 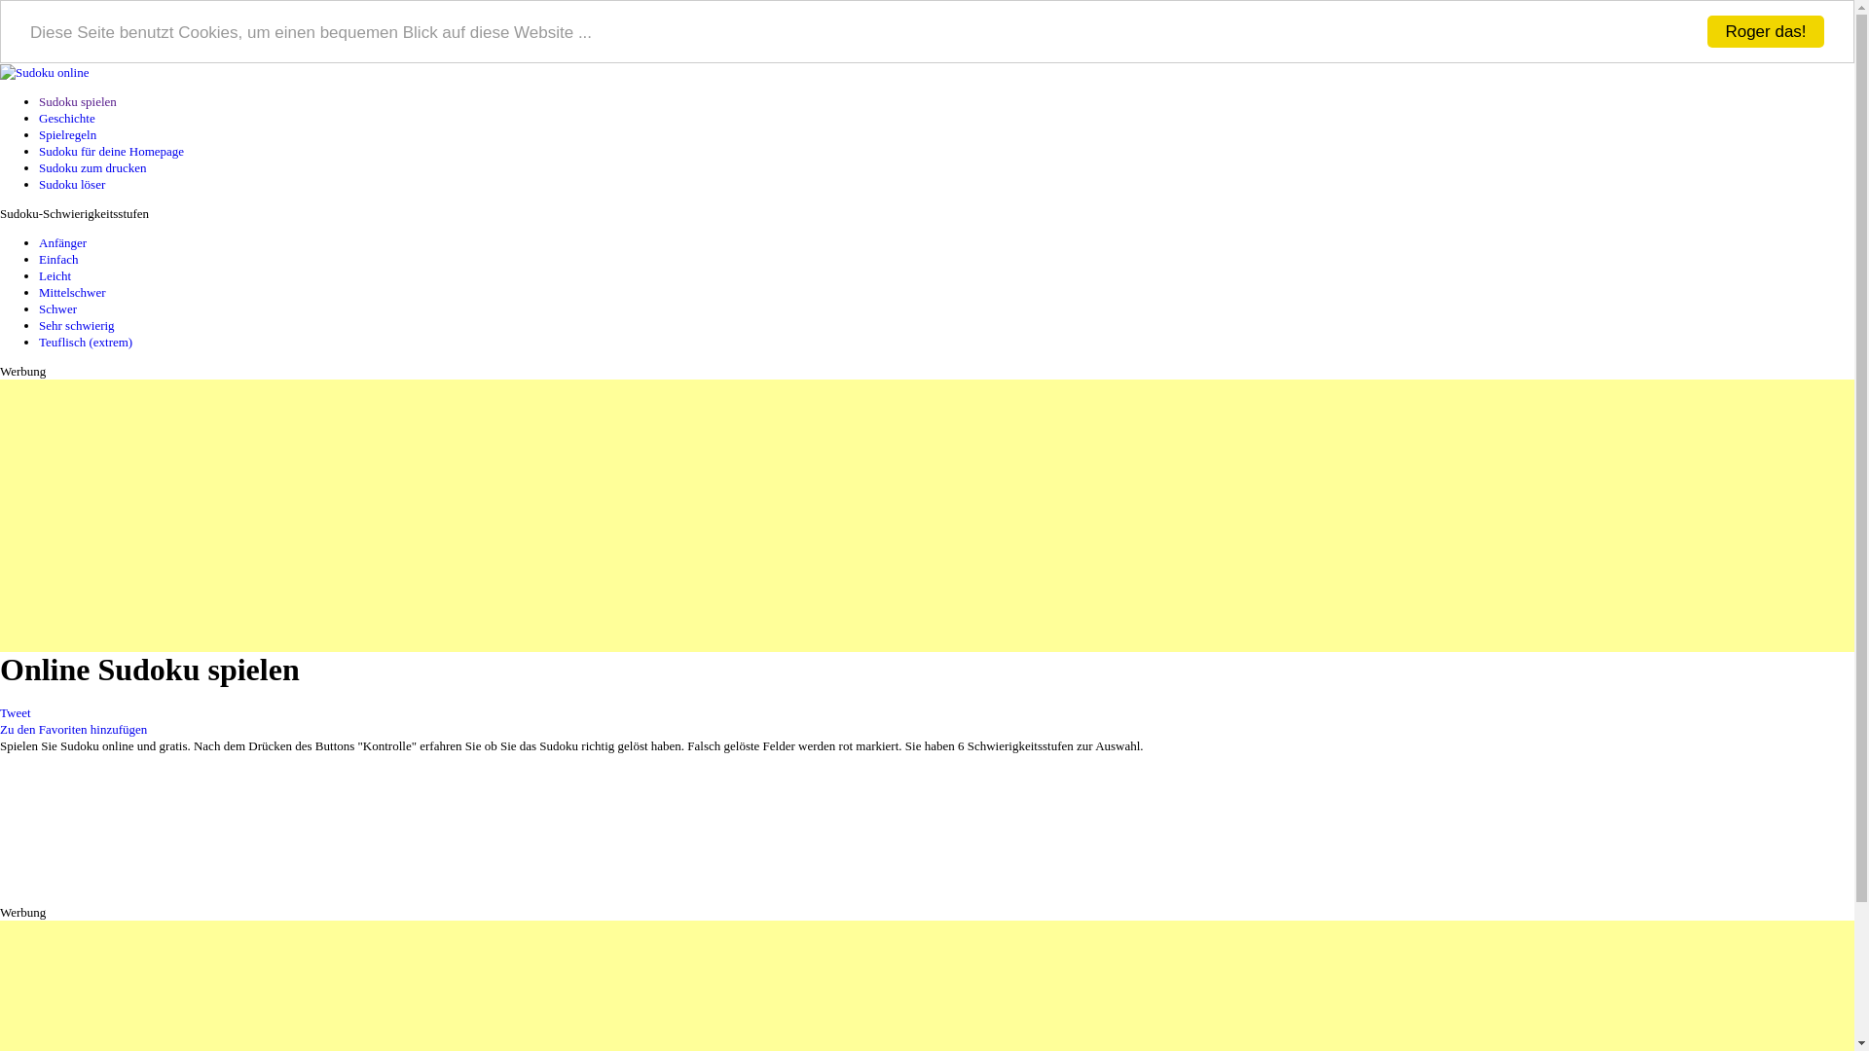 I want to click on 'Advertisement', so click(x=583, y=514).